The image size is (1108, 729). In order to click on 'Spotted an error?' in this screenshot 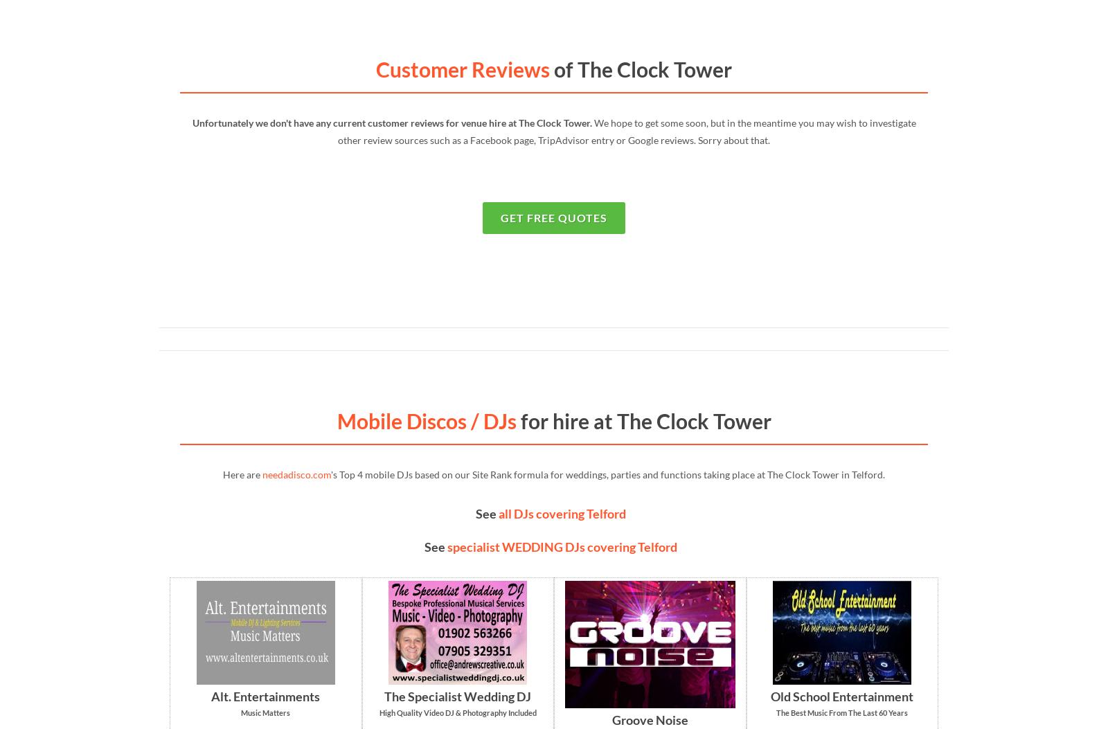, I will do `click(850, 537)`.